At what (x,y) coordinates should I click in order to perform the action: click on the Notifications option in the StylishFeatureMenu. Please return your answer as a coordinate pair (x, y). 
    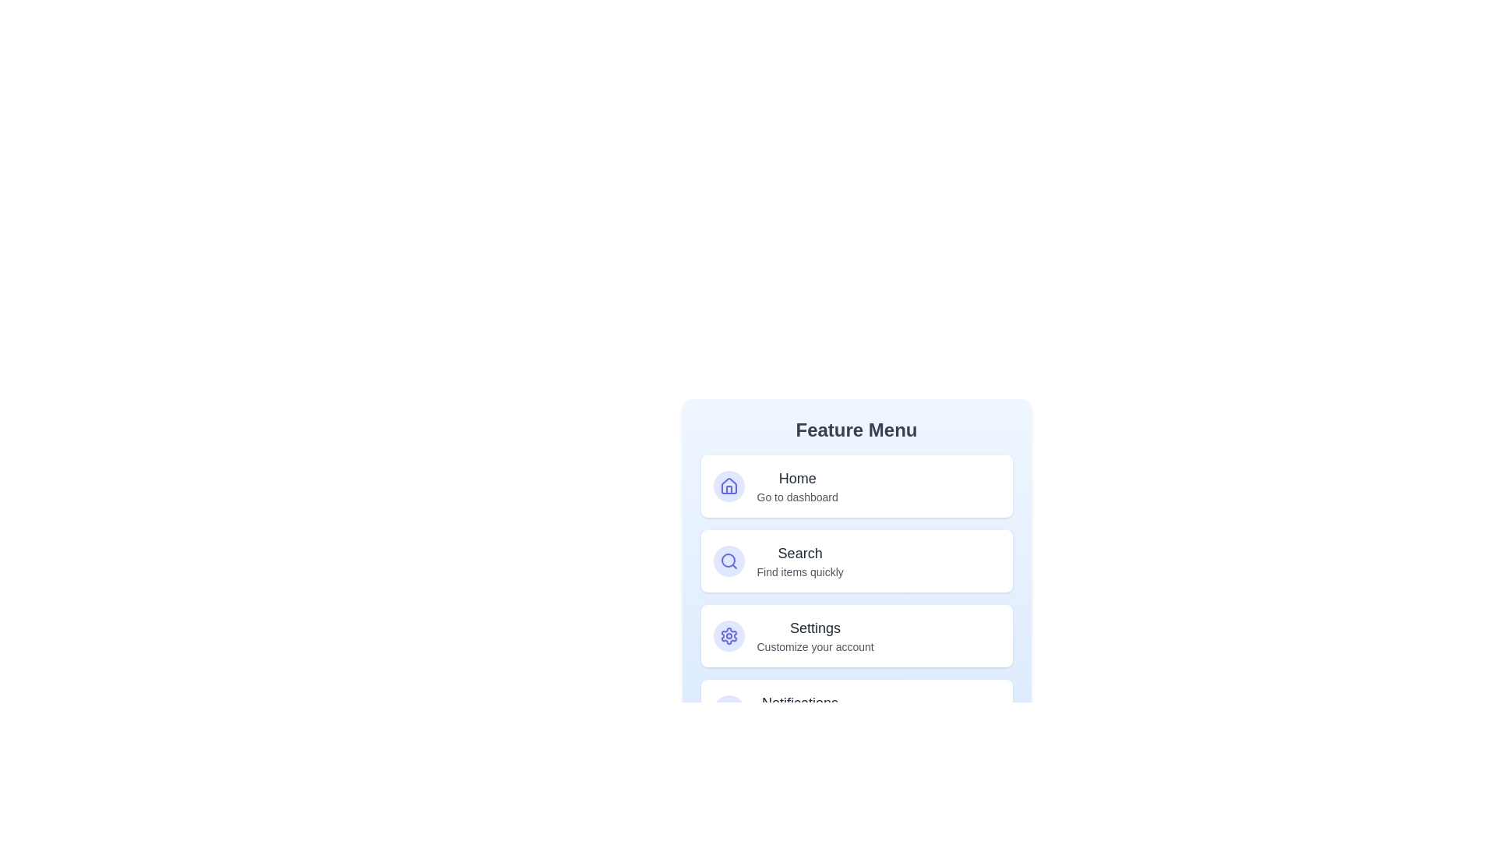
    Looking at the image, I should click on (856, 710).